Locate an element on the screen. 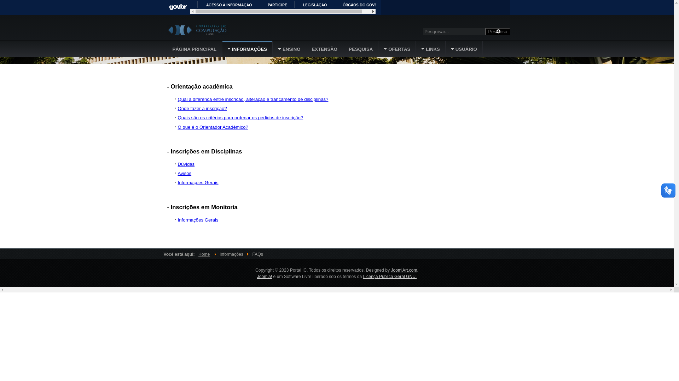 This screenshot has width=679, height=381. 'OFERTAS' is located at coordinates (378, 49).